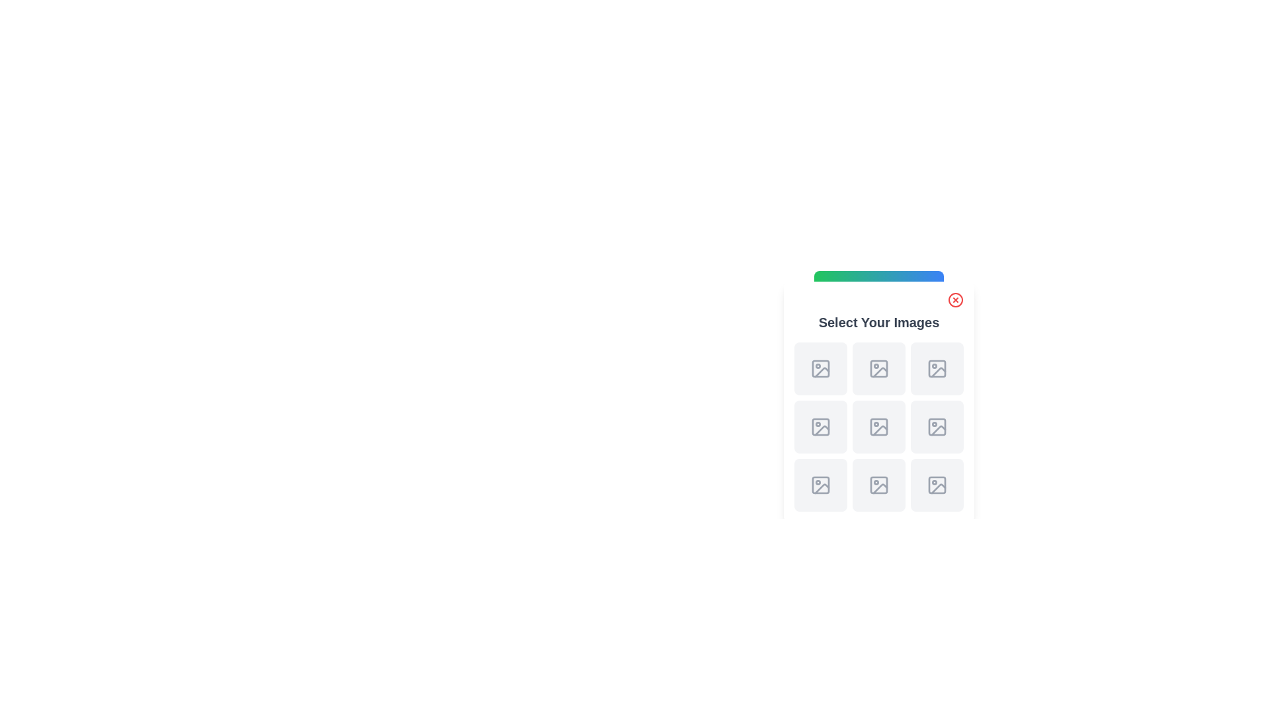 This screenshot has width=1270, height=714. I want to click on the decorative rectangular shape with rounded corners located in the bottom-right corner of the image icon within the 'Select Your Images' grid, so click(820, 485).